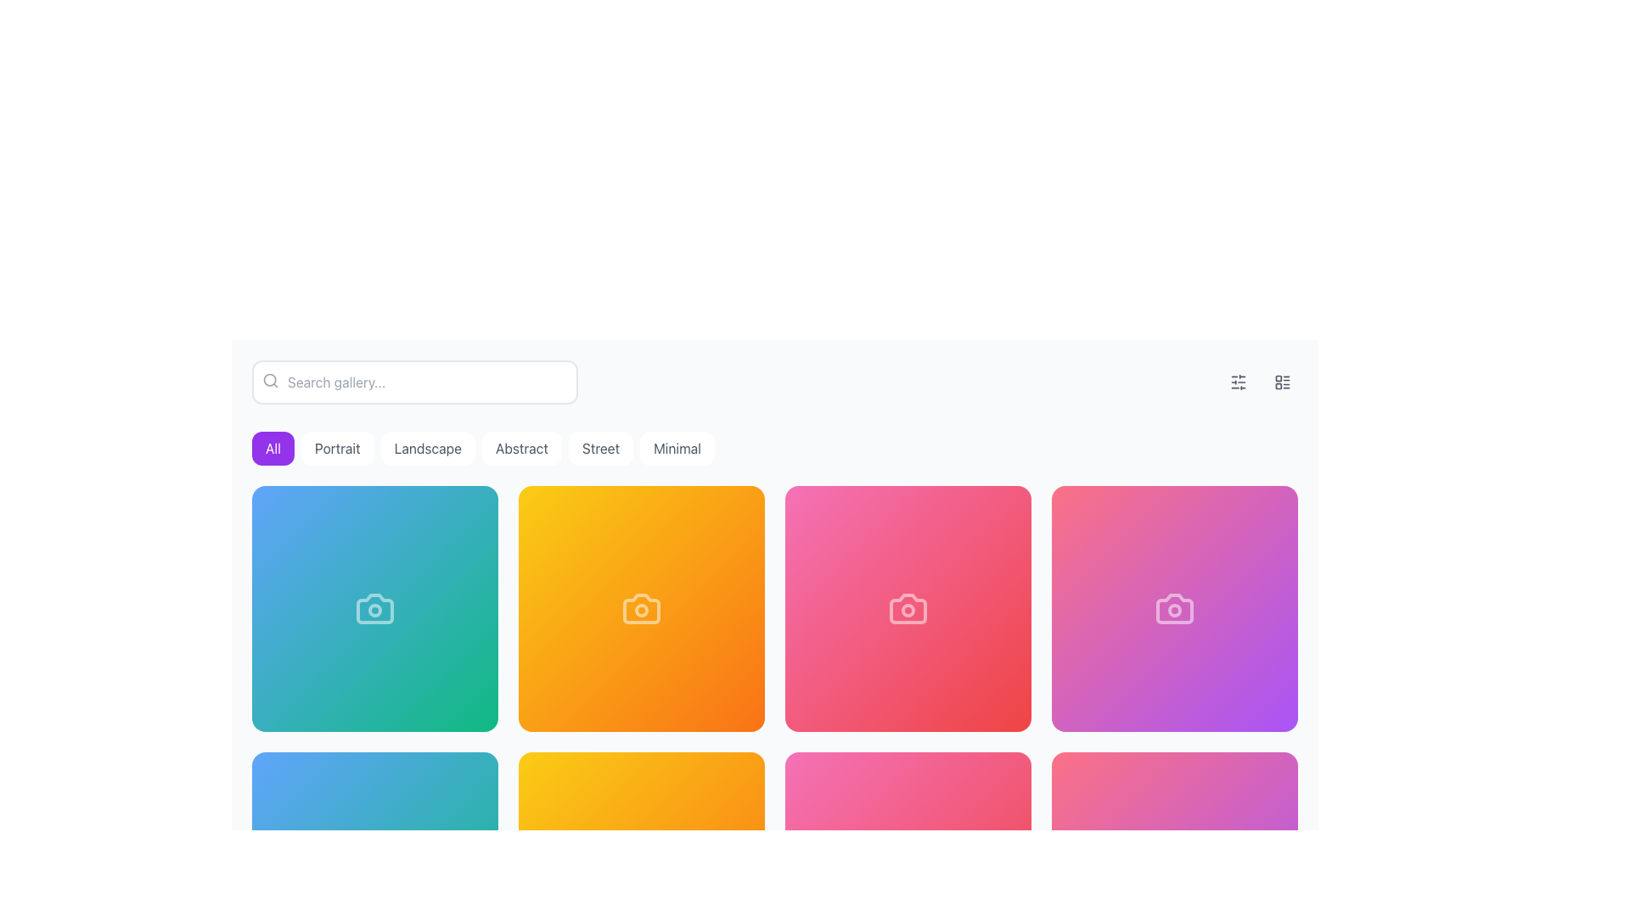 The height and width of the screenshot is (916, 1630). What do you see at coordinates (337, 447) in the screenshot?
I see `the 'Portrait' button, which is the second button in a horizontal group of six buttons` at bounding box center [337, 447].